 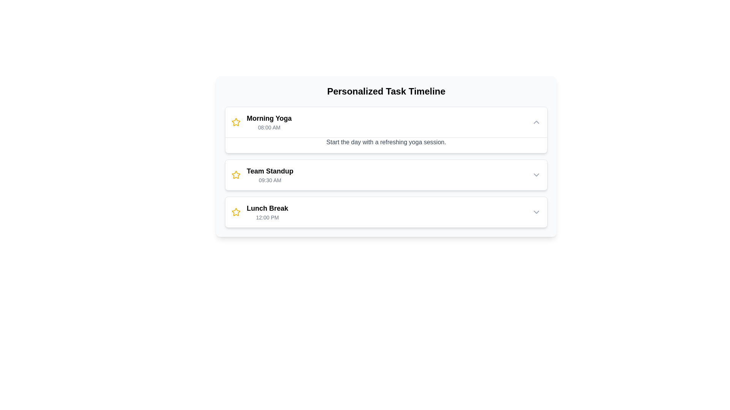 I want to click on the text label that reads 'Start the day with a refreshing yoga session.' located below the 'Morning Yoga' title and time description in the 'Morning Yoga' task block, so click(x=386, y=145).